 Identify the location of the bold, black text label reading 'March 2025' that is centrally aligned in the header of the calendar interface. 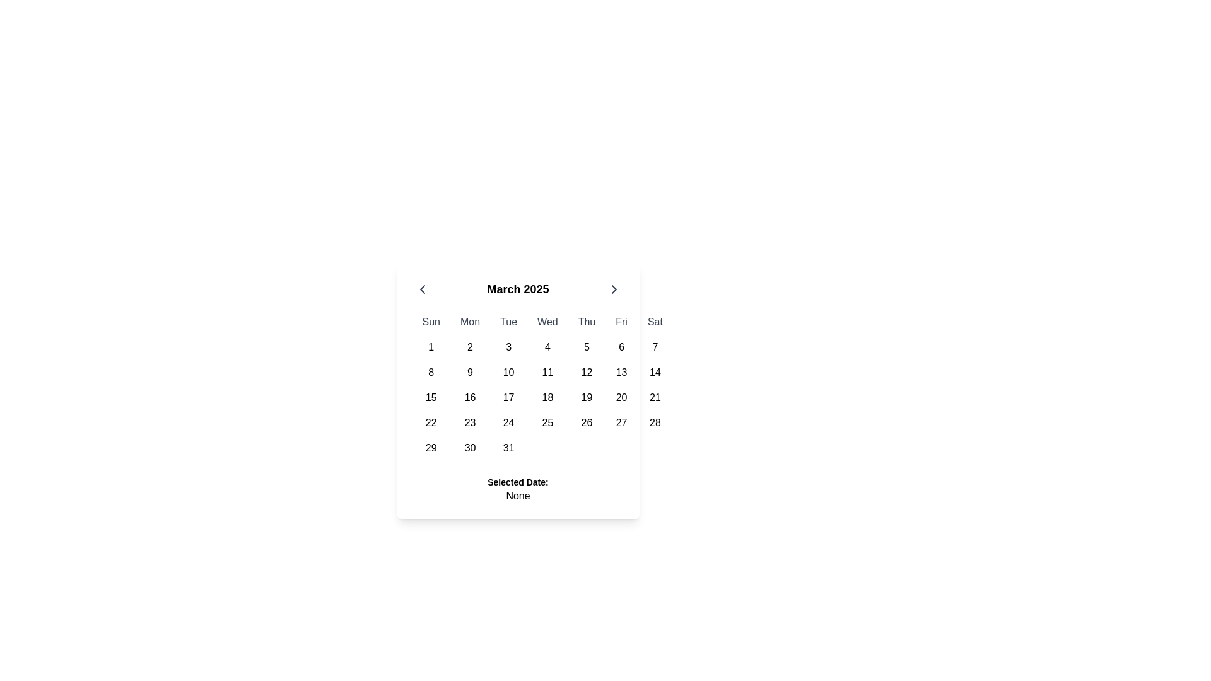
(518, 289).